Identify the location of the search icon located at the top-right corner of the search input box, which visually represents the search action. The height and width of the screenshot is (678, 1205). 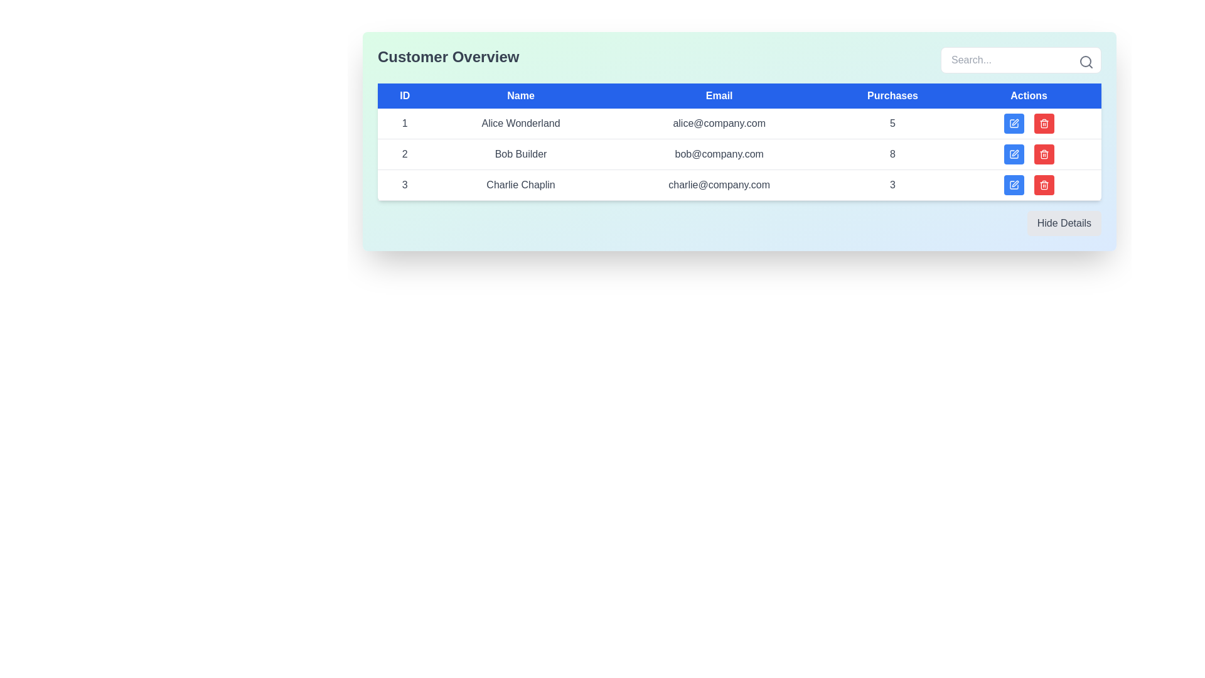
(1086, 62).